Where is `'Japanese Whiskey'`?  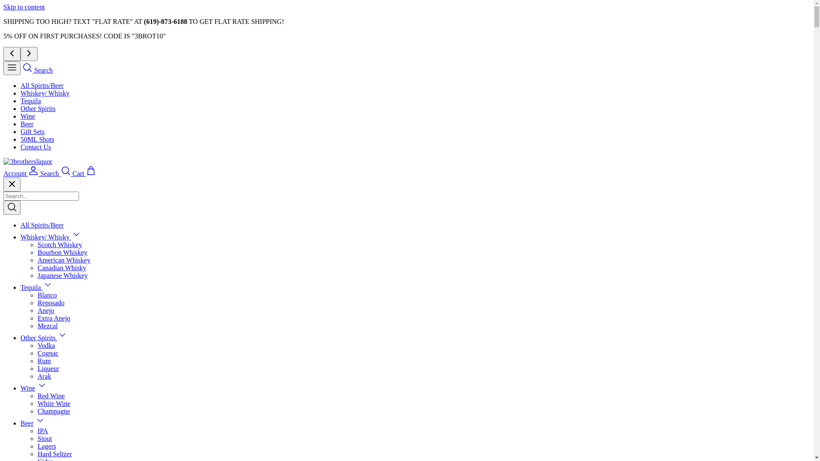
'Japanese Whiskey' is located at coordinates (62, 275).